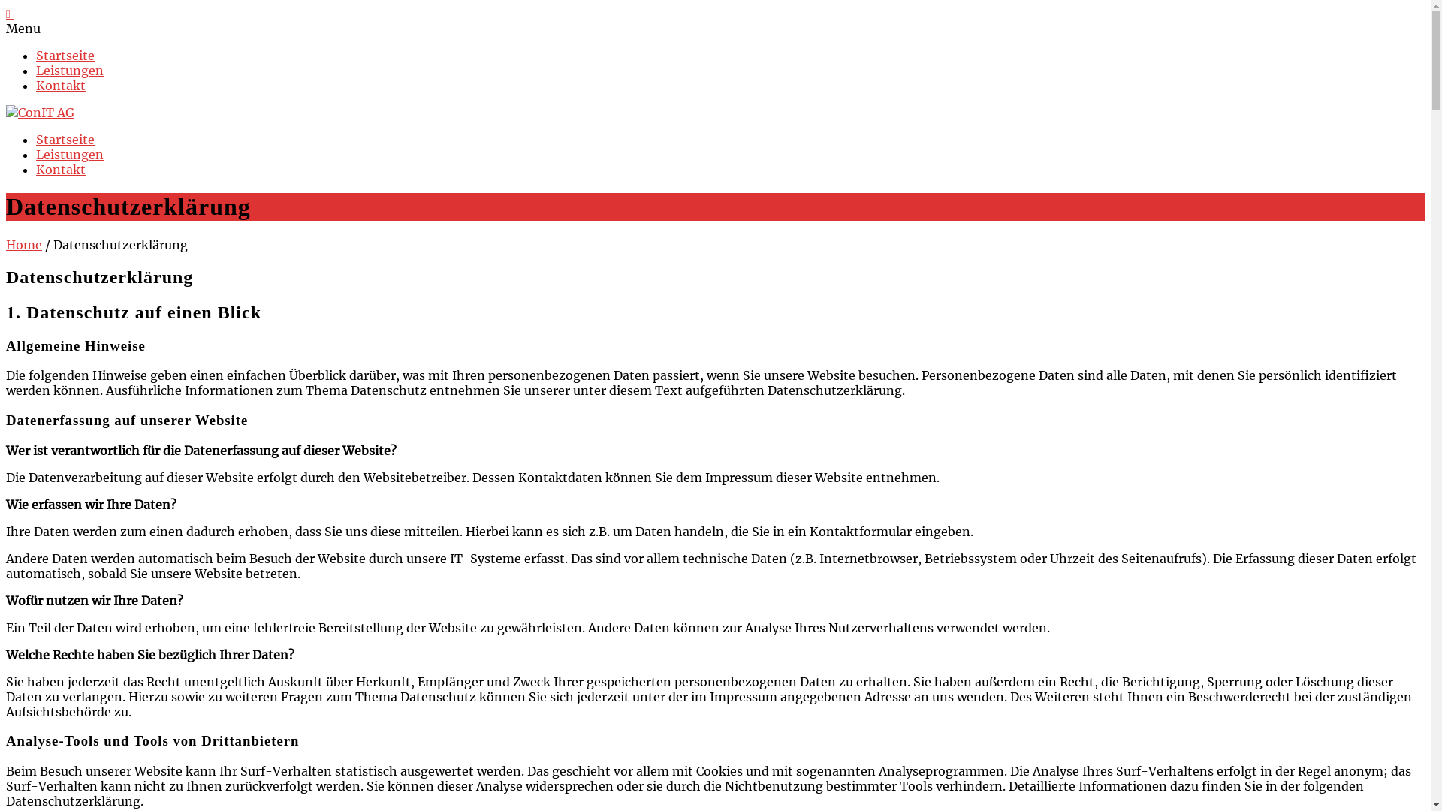  What do you see at coordinates (68, 70) in the screenshot?
I see `'Leistungen'` at bounding box center [68, 70].